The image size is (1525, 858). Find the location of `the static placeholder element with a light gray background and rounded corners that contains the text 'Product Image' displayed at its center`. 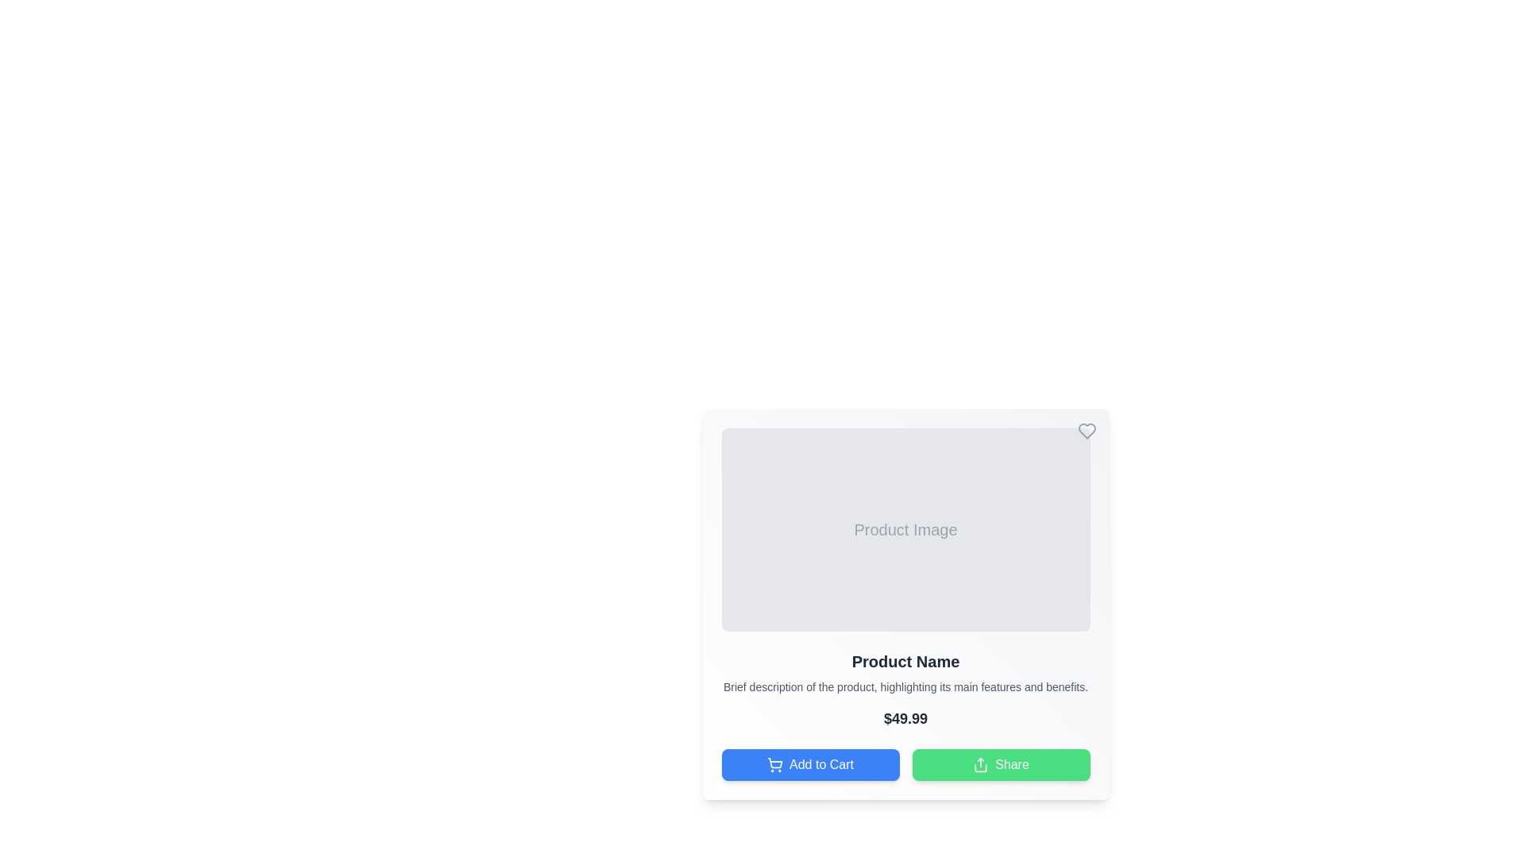

the static placeholder element with a light gray background and rounded corners that contains the text 'Product Image' displayed at its center is located at coordinates (905, 530).